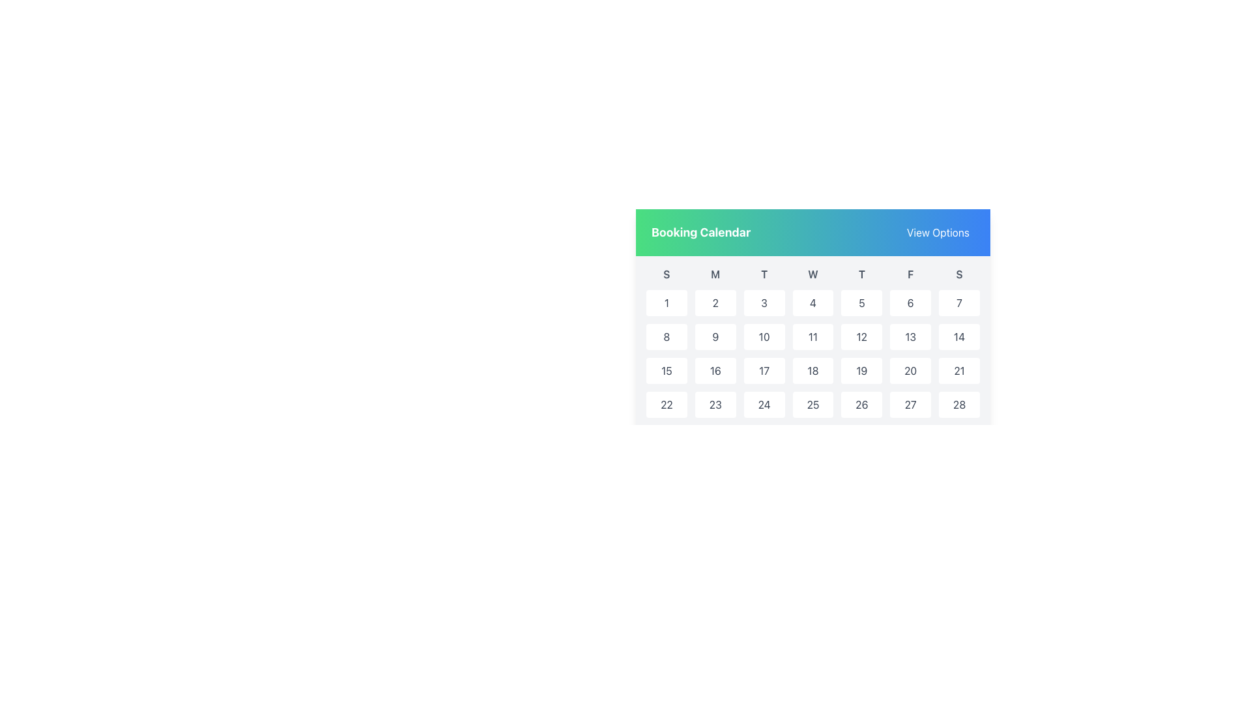  Describe the element at coordinates (959, 404) in the screenshot. I see `date value displayed in the calendar cell showing the number '28', which is part of the Booking Calendar interface` at that location.